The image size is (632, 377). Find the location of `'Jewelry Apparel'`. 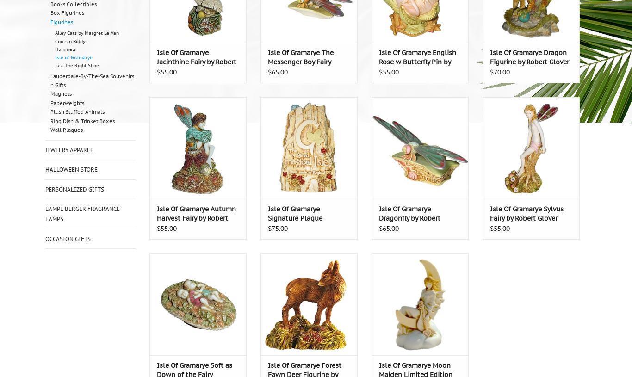

'Jewelry Apparel' is located at coordinates (68, 149).